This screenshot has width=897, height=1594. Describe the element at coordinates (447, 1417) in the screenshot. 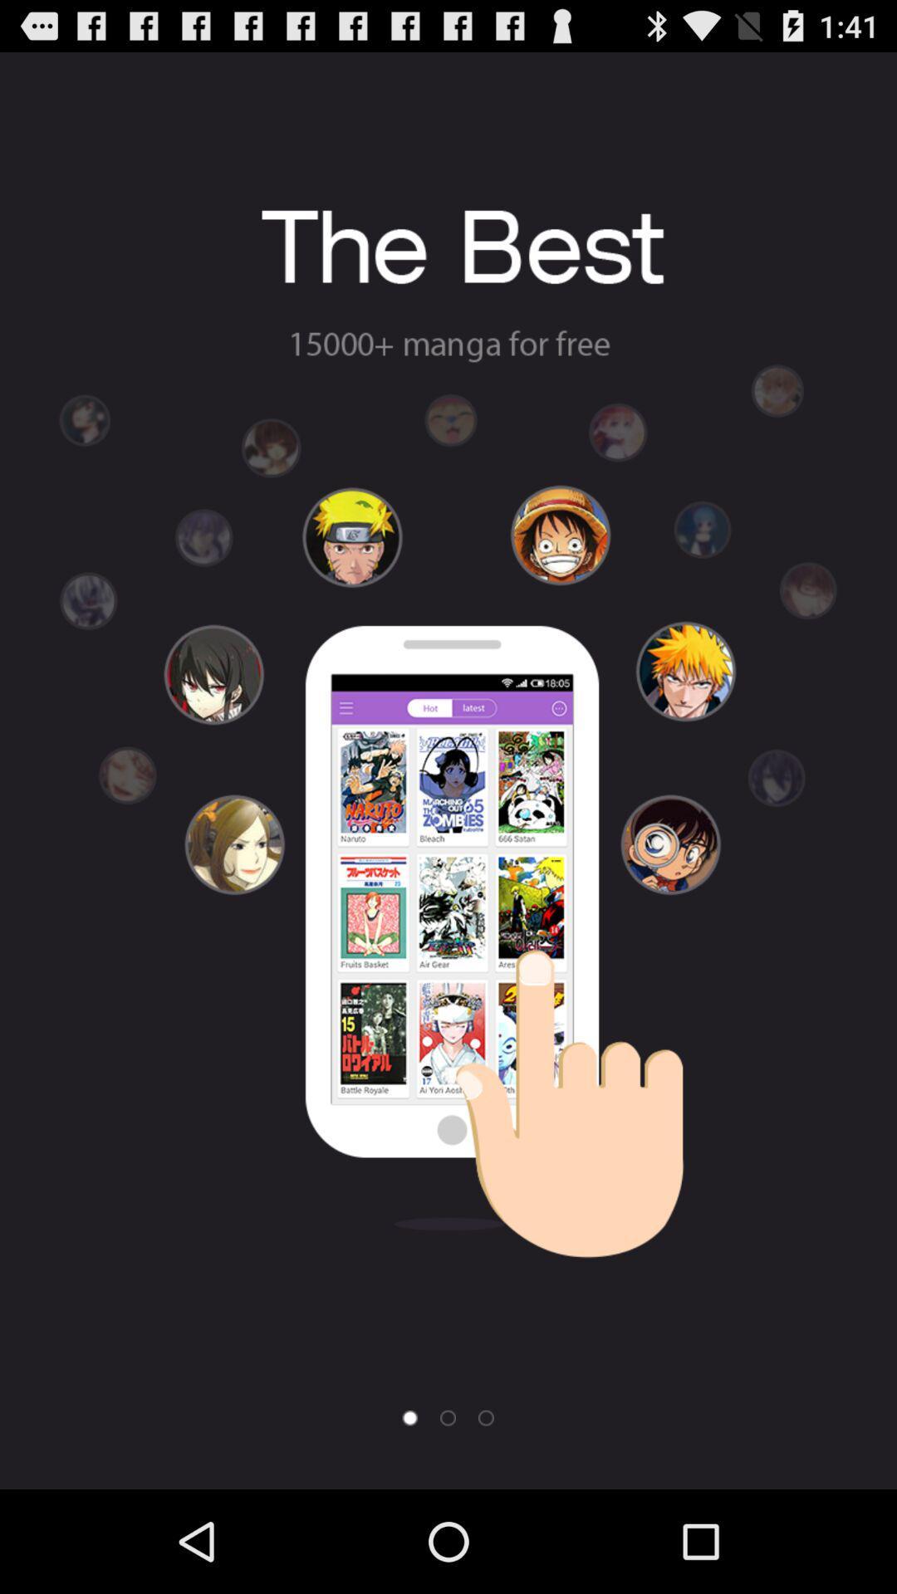

I see `next page` at that location.